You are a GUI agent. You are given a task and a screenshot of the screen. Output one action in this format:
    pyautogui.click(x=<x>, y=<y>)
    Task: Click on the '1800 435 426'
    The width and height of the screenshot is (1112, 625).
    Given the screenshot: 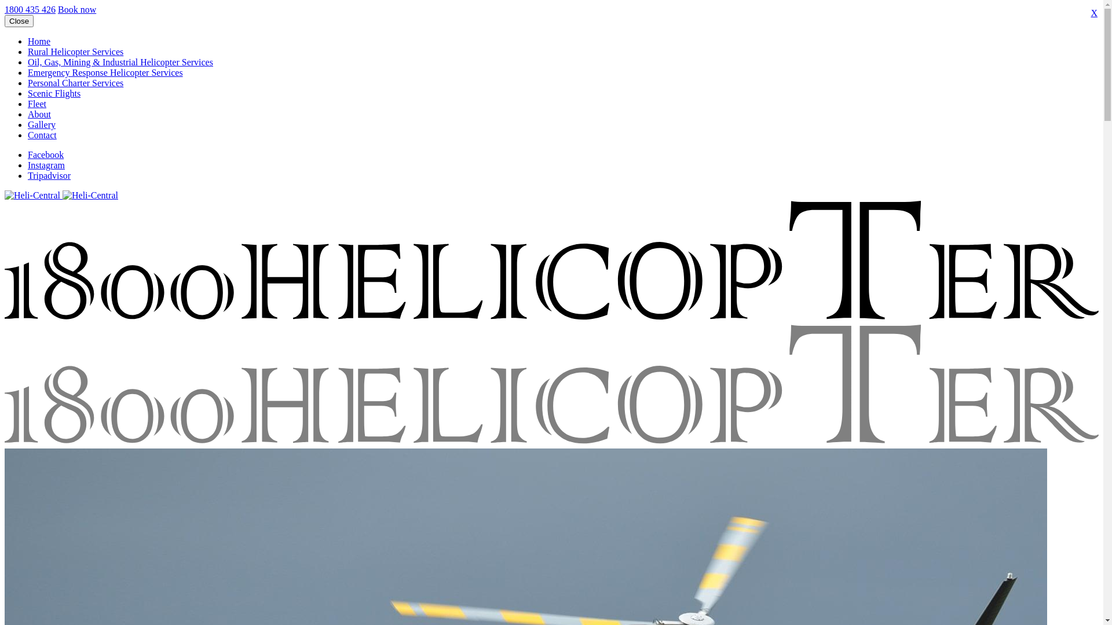 What is the action you would take?
    pyautogui.click(x=5, y=9)
    